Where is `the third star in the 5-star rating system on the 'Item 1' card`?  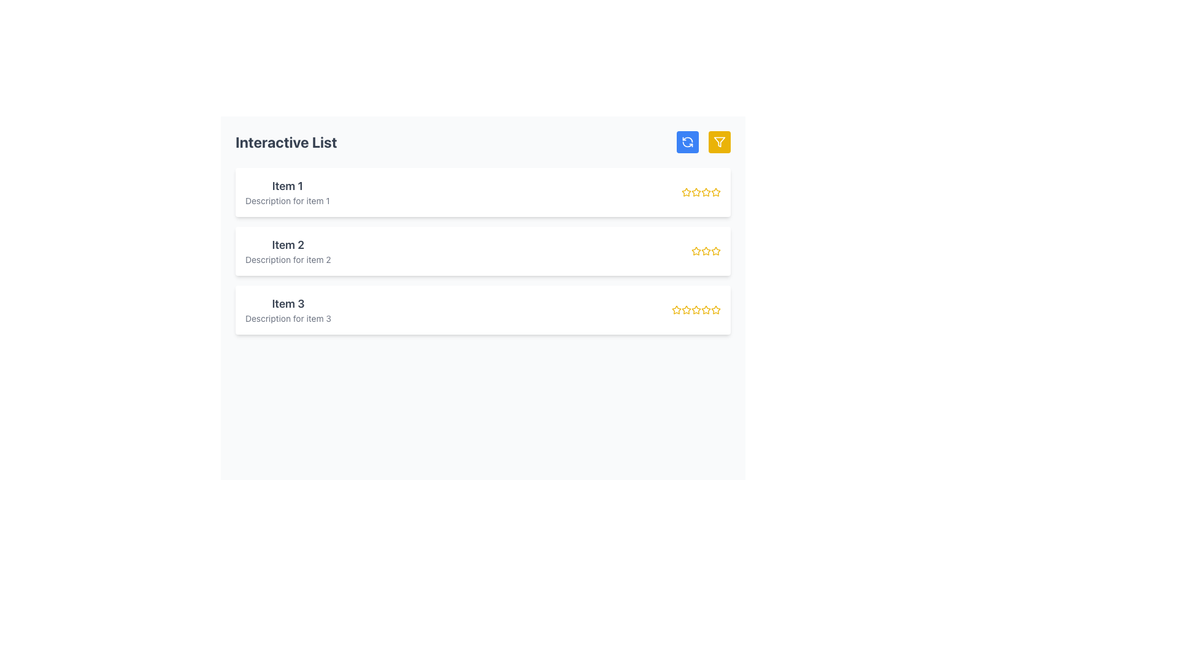
the third star in the 5-star rating system on the 'Item 1' card is located at coordinates (701, 192).